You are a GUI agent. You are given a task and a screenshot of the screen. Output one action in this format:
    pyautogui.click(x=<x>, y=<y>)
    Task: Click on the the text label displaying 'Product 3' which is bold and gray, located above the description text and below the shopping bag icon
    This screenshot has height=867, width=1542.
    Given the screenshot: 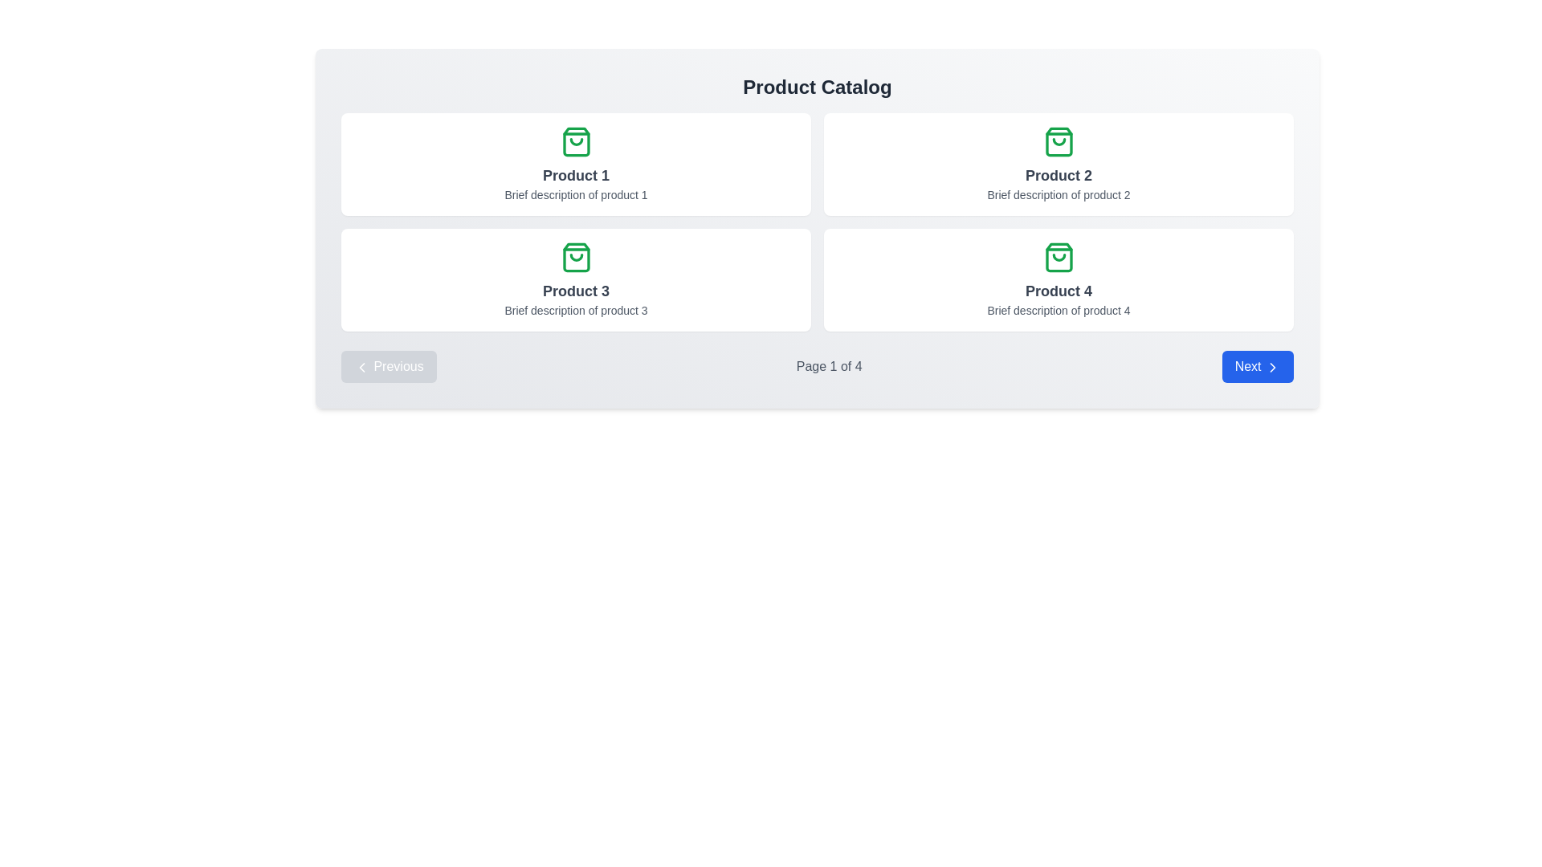 What is the action you would take?
    pyautogui.click(x=576, y=291)
    